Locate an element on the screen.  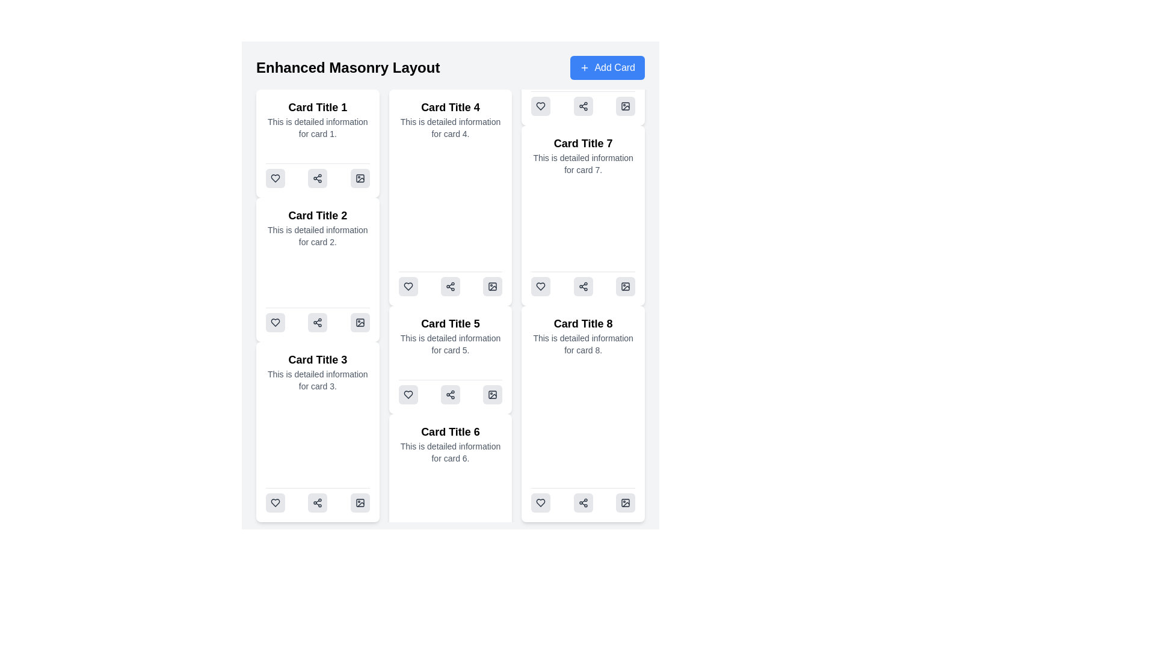
the heart-shaped icon button located at the bottom left corner of the card labeled 'Card Title 8' is located at coordinates (540, 287).